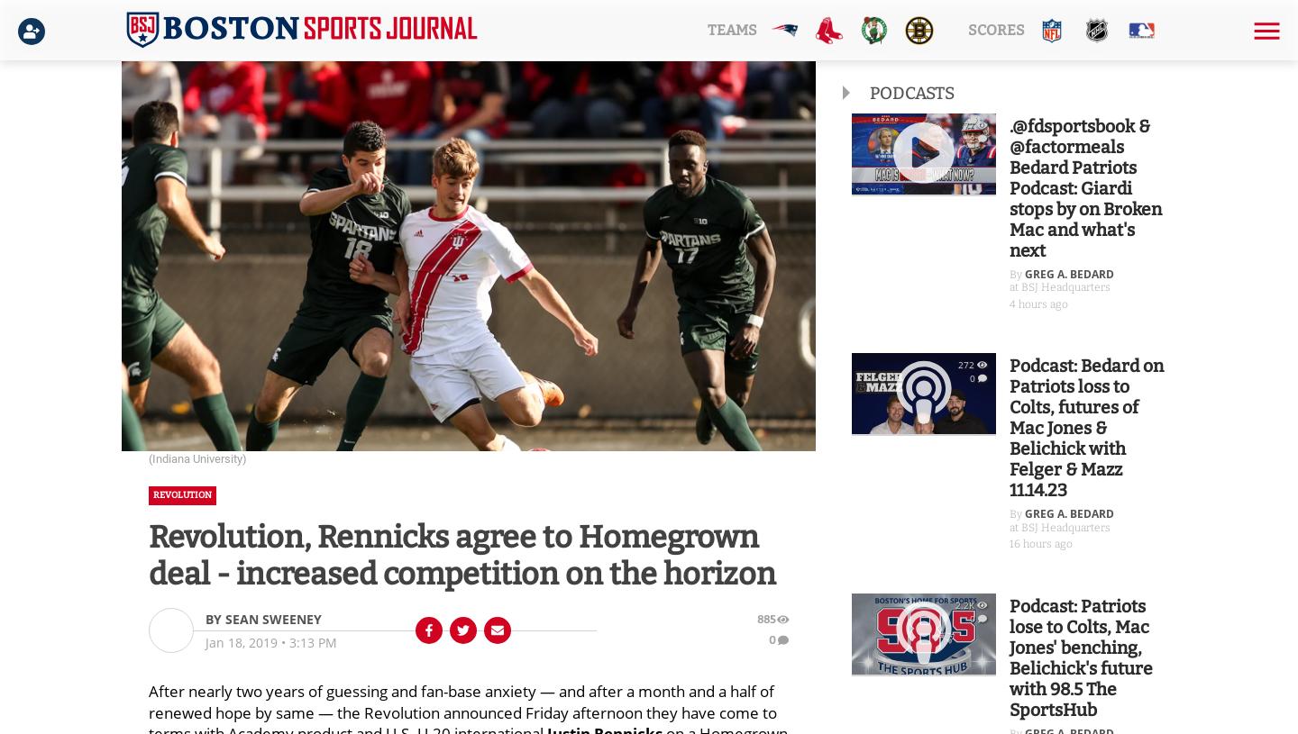 The image size is (1298, 734). What do you see at coordinates (1085, 428) in the screenshot?
I see `'Podcast: Bedard on Patriots loss to Colts, futures of Mac Jones & Belichick with Felger & Mazz 11.14.23'` at bounding box center [1085, 428].